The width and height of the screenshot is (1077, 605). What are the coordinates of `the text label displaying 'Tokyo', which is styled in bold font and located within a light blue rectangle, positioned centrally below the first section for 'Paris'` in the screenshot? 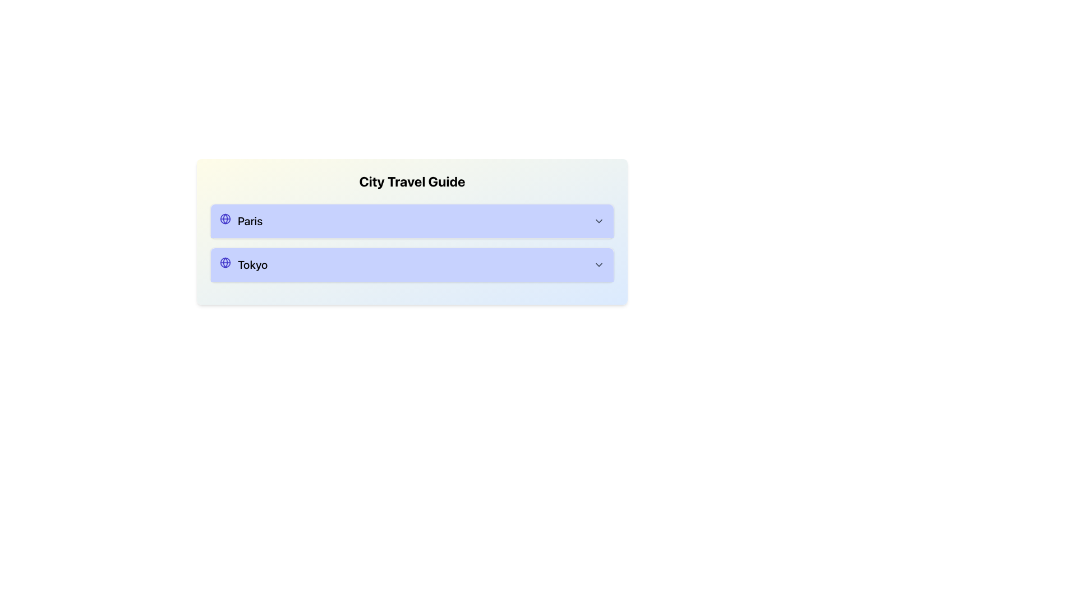 It's located at (252, 265).